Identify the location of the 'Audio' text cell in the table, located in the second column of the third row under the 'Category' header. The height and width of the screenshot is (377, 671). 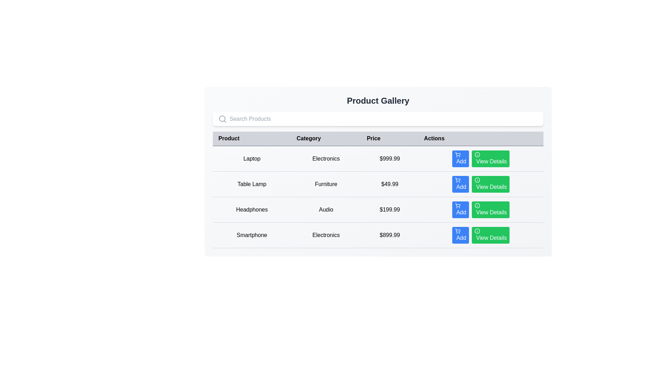
(326, 209).